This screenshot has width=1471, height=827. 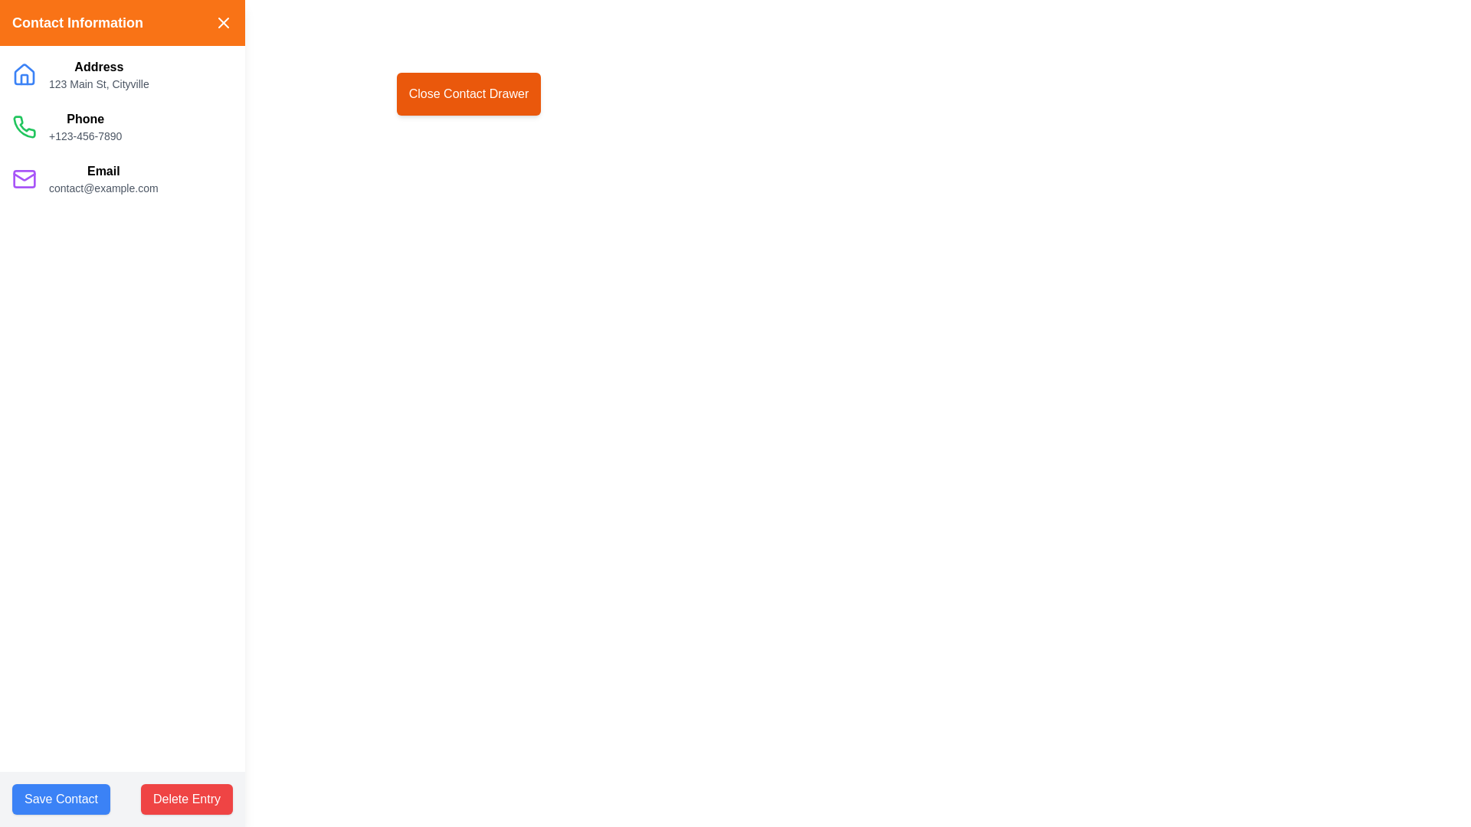 I want to click on the phone icon located below the 'Address' section and above the 'Email' section in the contact information UI for additional actions, so click(x=25, y=126).